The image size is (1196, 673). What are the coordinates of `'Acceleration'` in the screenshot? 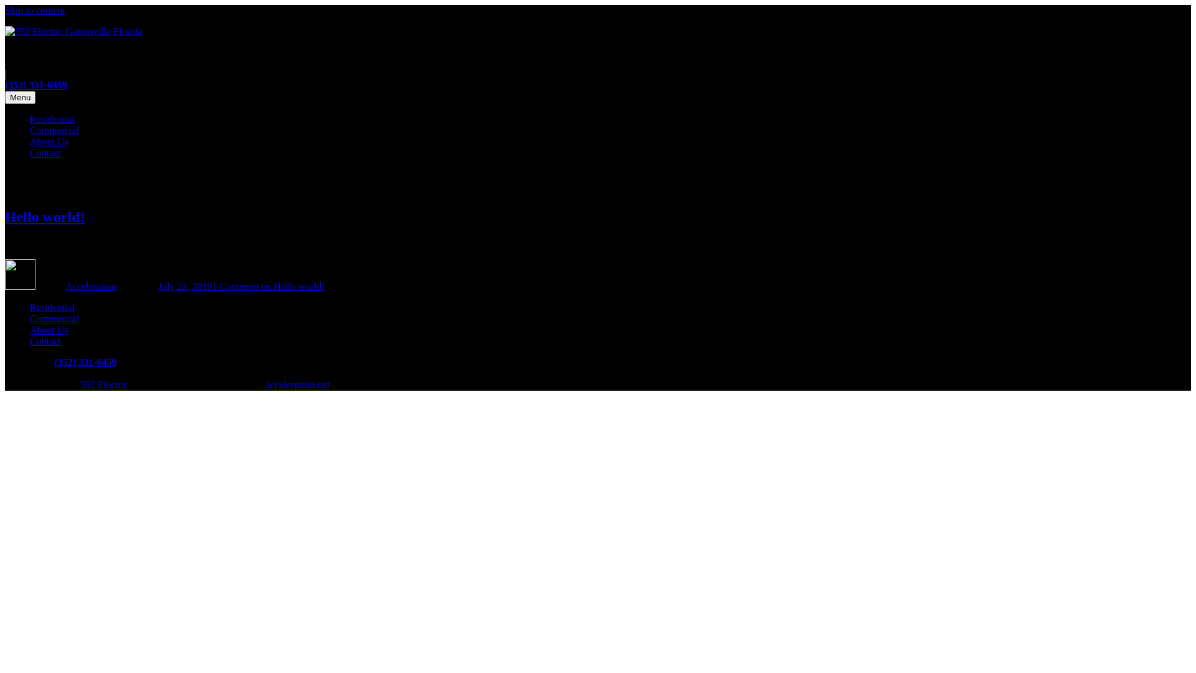 It's located at (90, 286).